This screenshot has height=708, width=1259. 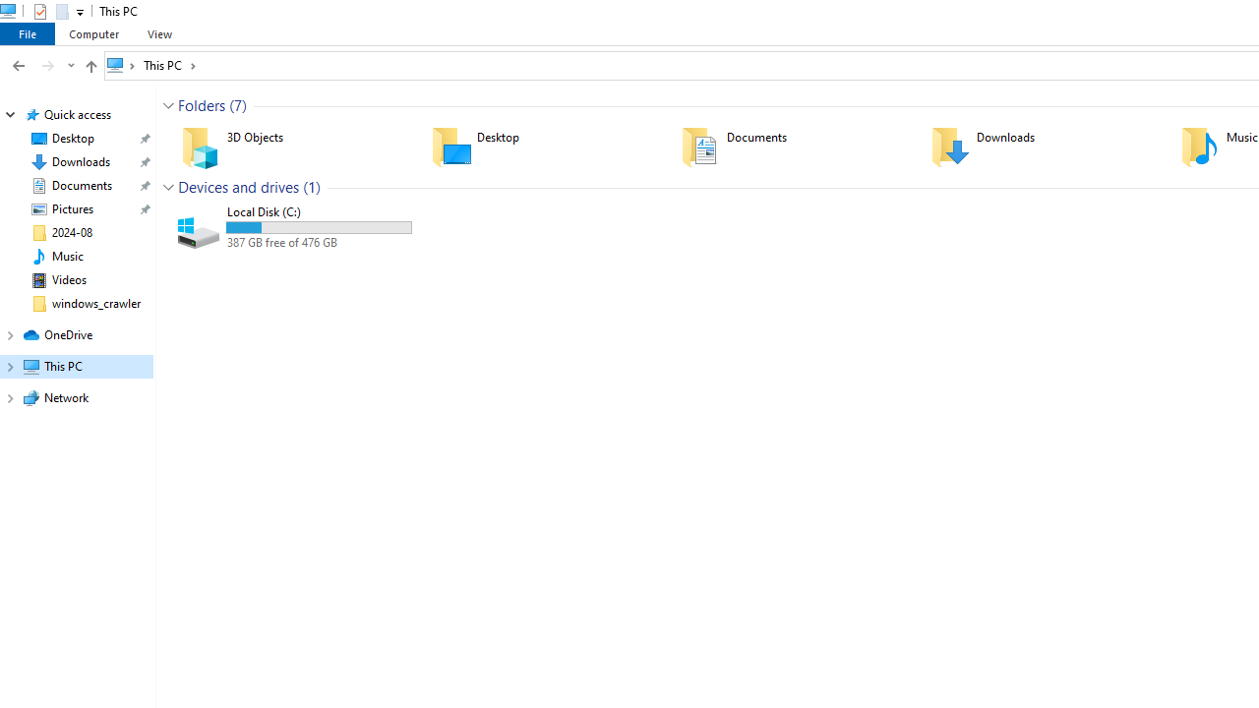 I want to click on 'View', so click(x=159, y=33).